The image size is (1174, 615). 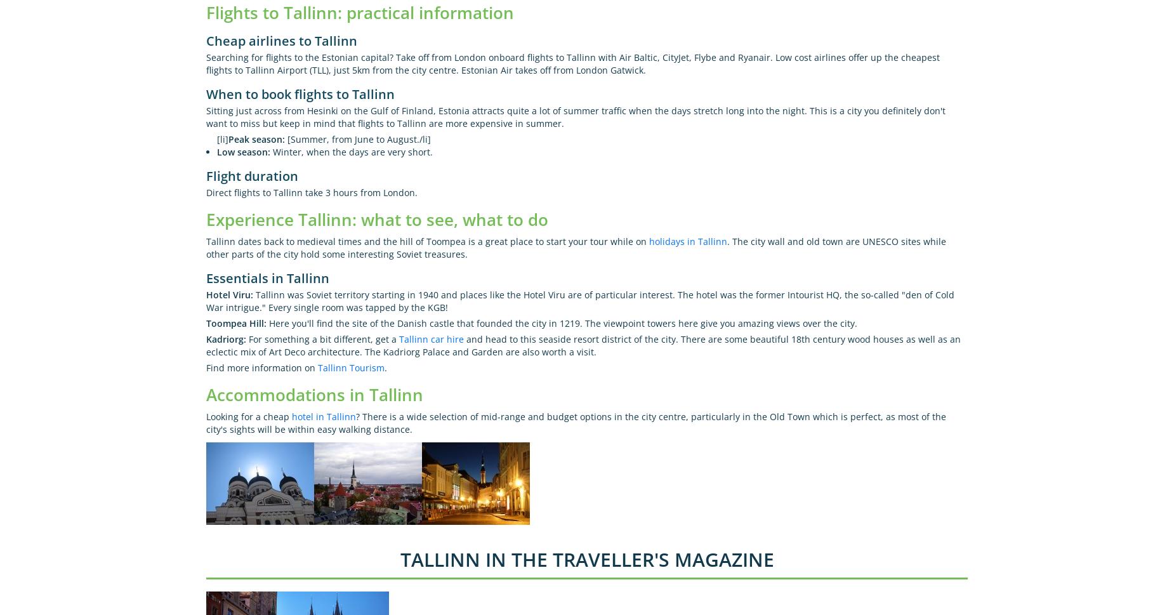 What do you see at coordinates (267, 277) in the screenshot?
I see `'Essentials in Tallinn'` at bounding box center [267, 277].